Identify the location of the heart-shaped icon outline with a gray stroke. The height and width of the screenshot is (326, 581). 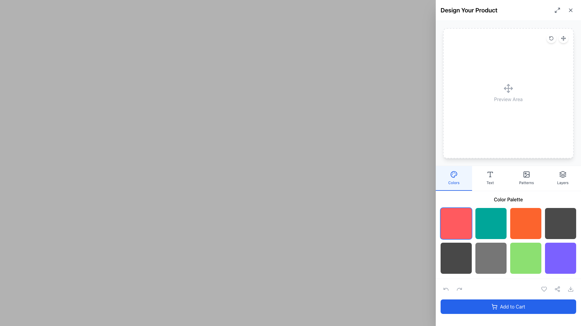
(544, 289).